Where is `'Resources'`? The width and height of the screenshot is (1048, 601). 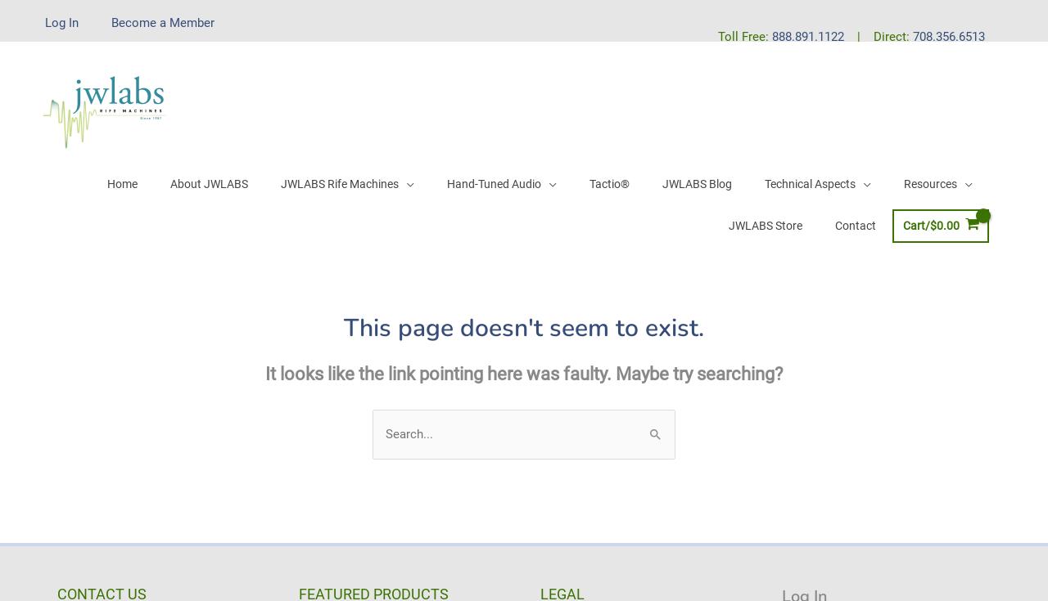
'Resources' is located at coordinates (929, 182).